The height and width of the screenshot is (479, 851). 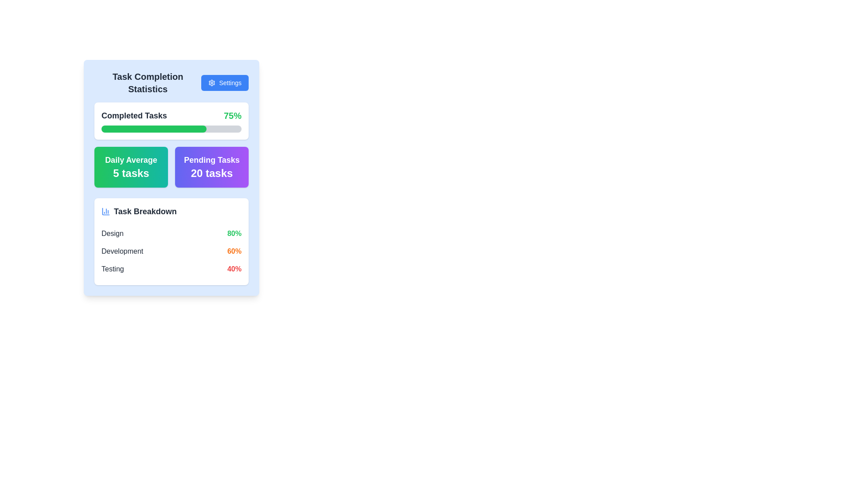 What do you see at coordinates (211, 82) in the screenshot?
I see `the settings cogwheel icon located at the top-right corner of the 'Task Completion Statistics' card header` at bounding box center [211, 82].